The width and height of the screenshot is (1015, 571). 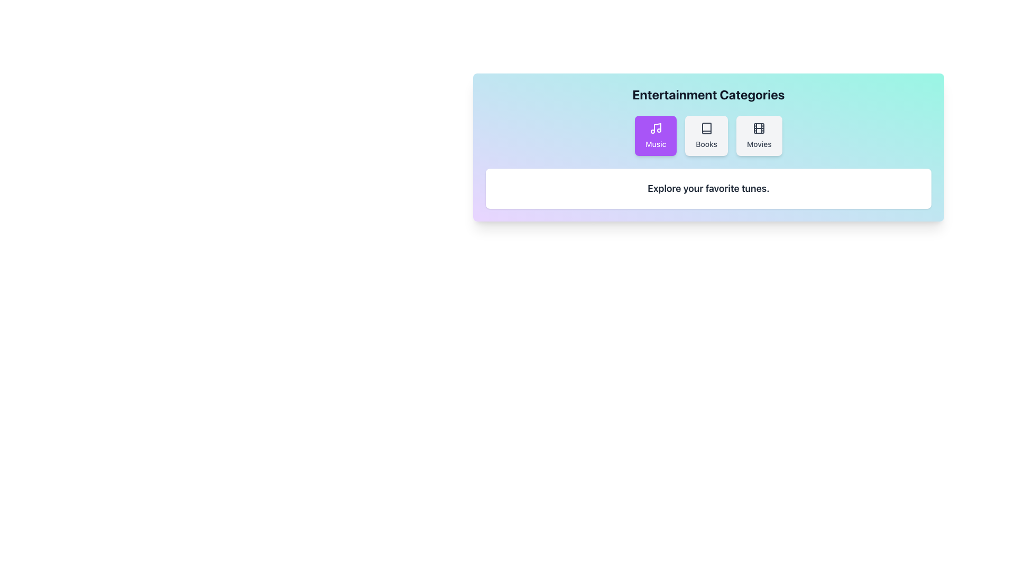 I want to click on the text label indicating the category of the button, which provides clarification for the music icon above it, located beneath the 'Music' button, so click(x=655, y=144).